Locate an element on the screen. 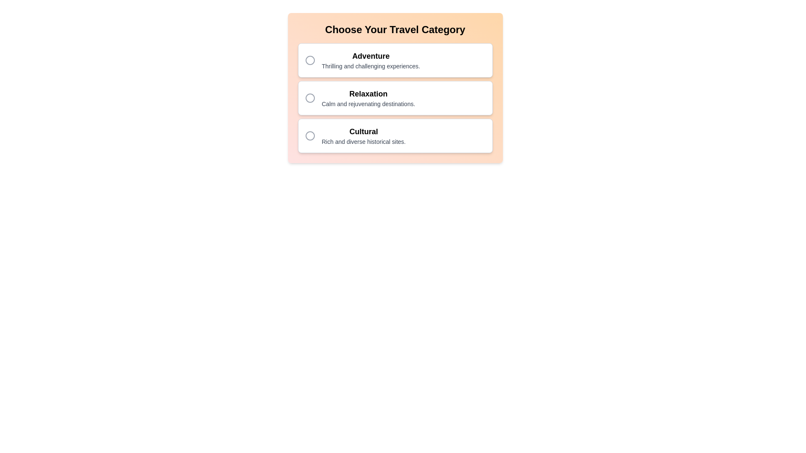 This screenshot has height=453, width=806. the text label that states 'Rich and diverse historical sites.' located below the title 'Cultural' in the third option of the vertical list of categories is located at coordinates (364, 141).